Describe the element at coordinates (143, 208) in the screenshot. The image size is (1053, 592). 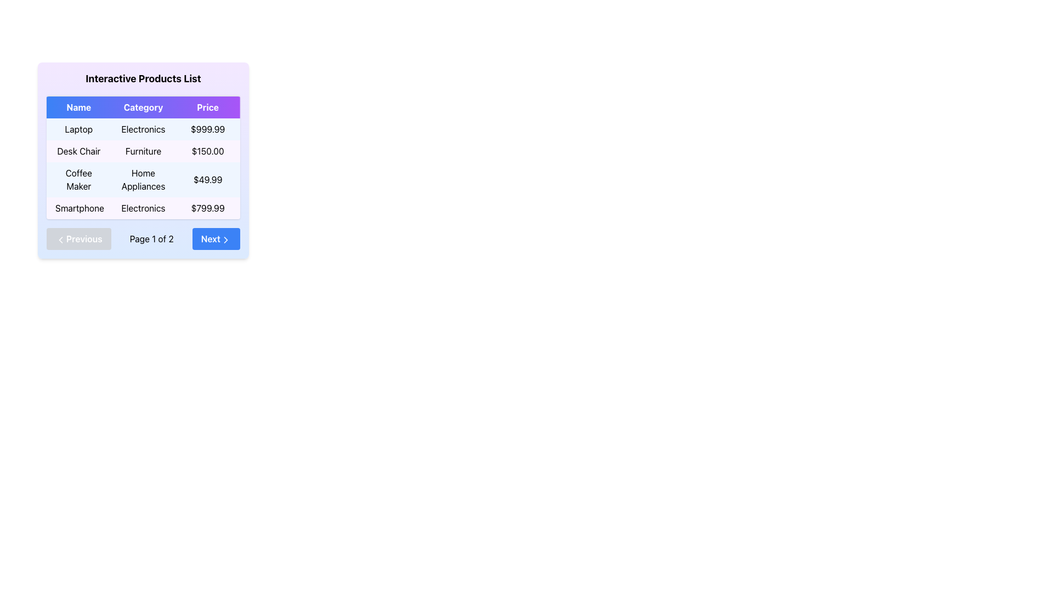
I see `the fourth row of the product table displaying 'Smartphone' in the left column, 'Electronics' in the center, and '$799.99' in the right column` at that location.